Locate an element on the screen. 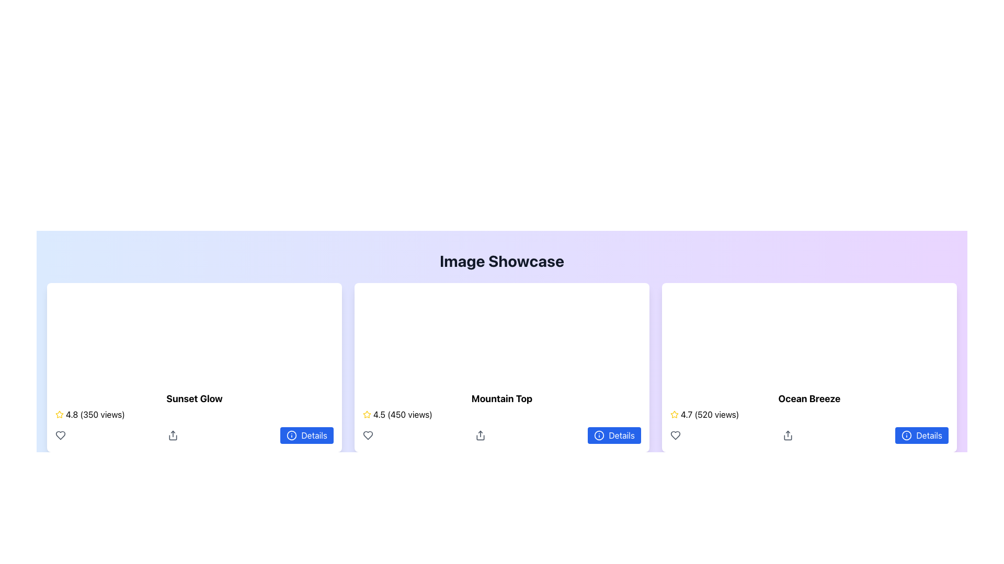 The width and height of the screenshot is (1004, 564). the circular icon within the SVG element that serves as the background of the info icon, located inside the blue button labeled 'Details' in the bottom-right corner of the 'Mountain Top' card is located at coordinates (599, 435).